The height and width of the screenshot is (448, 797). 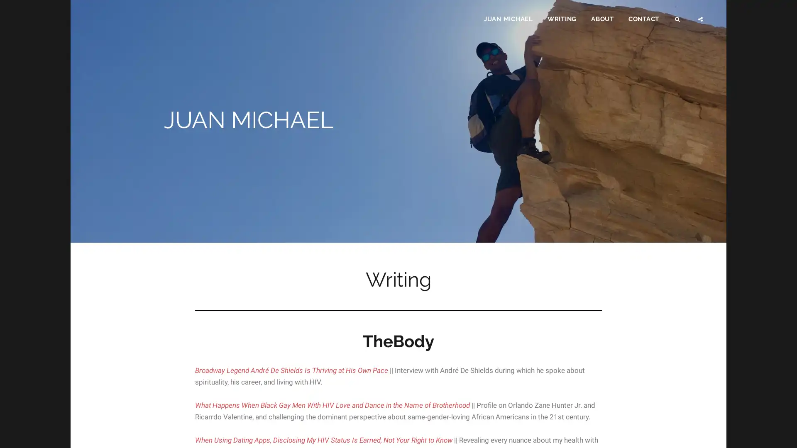 I want to click on SEARCH, so click(x=678, y=19).